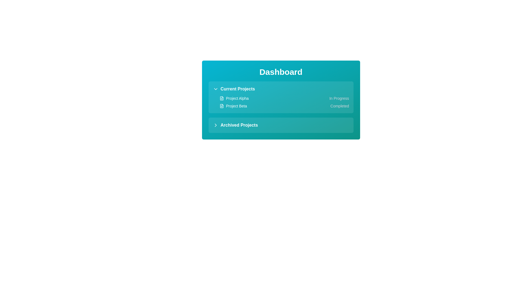  What do you see at coordinates (233, 106) in the screenshot?
I see `the list item labeled 'Project Beta' with a document icon` at bounding box center [233, 106].